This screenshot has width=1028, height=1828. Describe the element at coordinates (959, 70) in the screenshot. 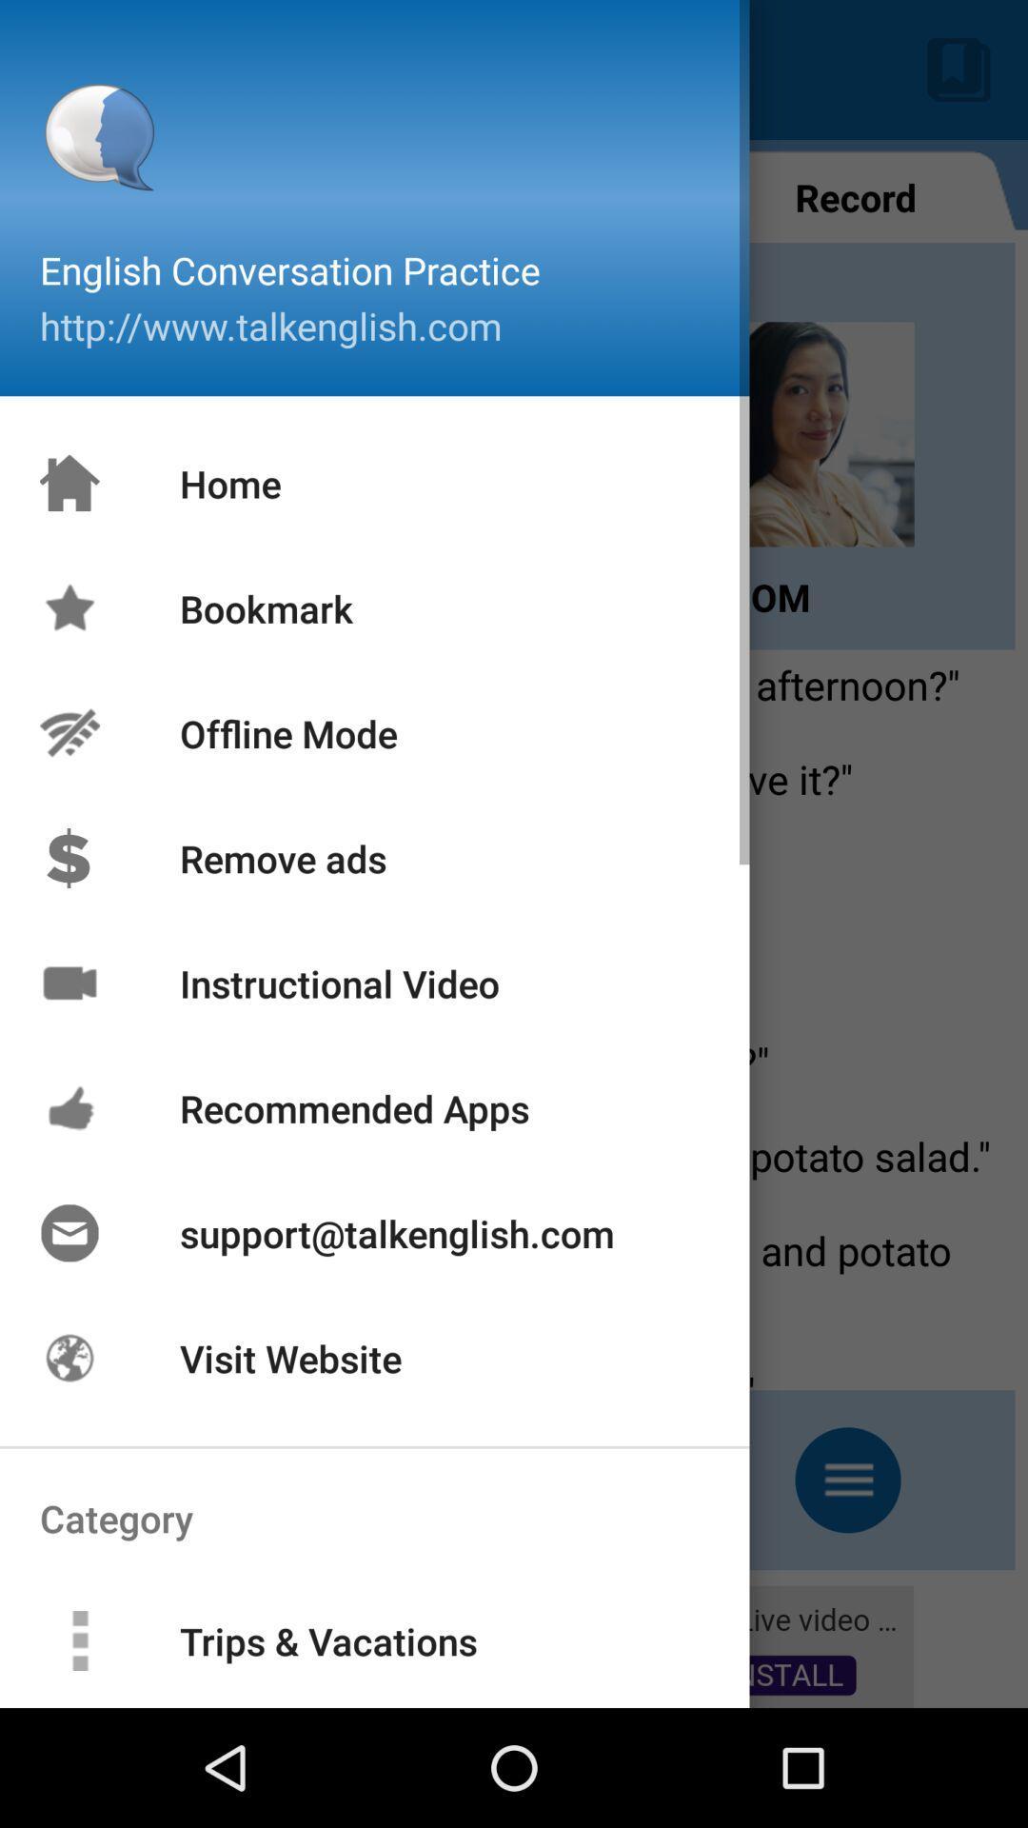

I see `the button which is on the top right corner of the page` at that location.